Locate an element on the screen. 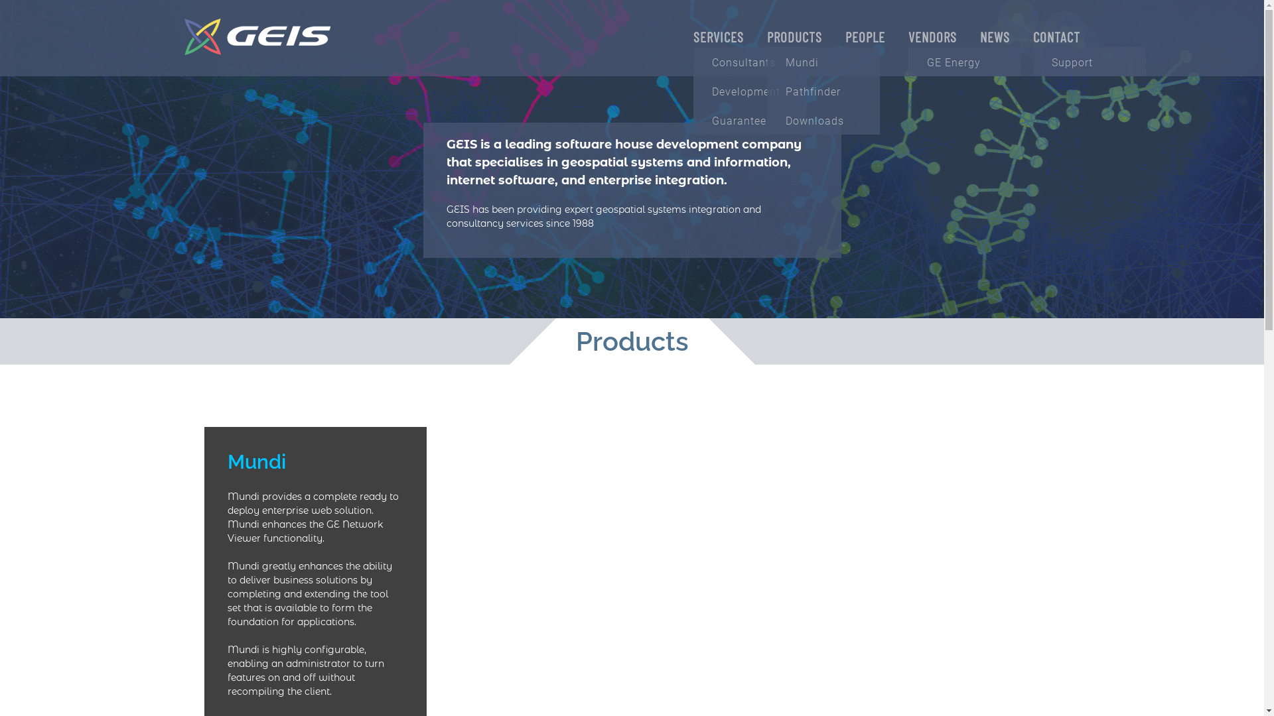 The image size is (1274, 716). 'VENDORS' is located at coordinates (907, 36).